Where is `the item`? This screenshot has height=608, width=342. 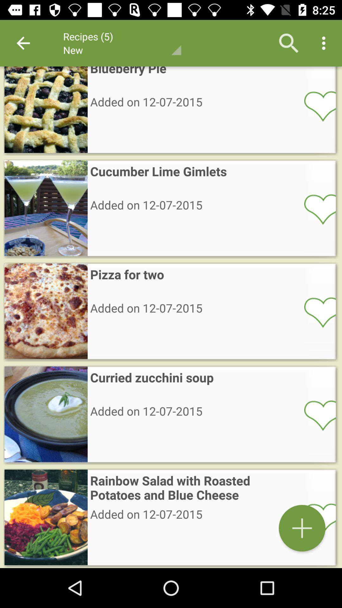 the item is located at coordinates (316, 518).